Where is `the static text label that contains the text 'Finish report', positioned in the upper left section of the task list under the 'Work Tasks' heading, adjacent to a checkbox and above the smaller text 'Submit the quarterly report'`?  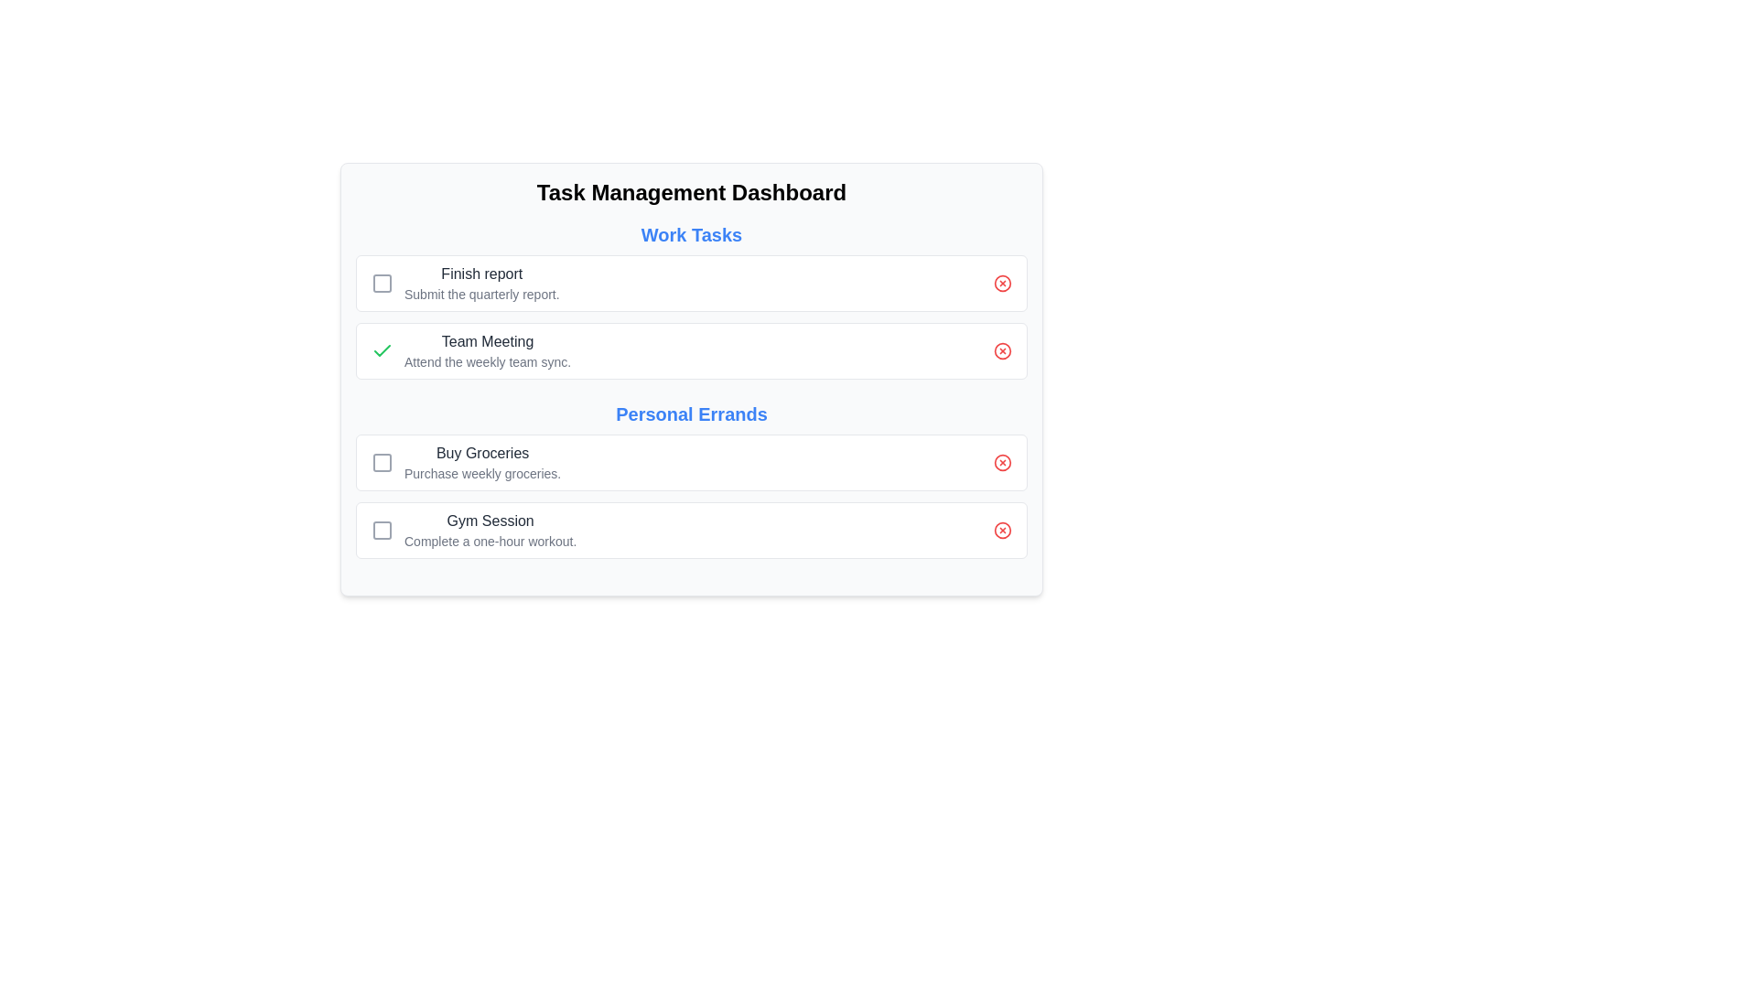
the static text label that contains the text 'Finish report', positioned in the upper left section of the task list under the 'Work Tasks' heading, adjacent to a checkbox and above the smaller text 'Submit the quarterly report' is located at coordinates (481, 274).